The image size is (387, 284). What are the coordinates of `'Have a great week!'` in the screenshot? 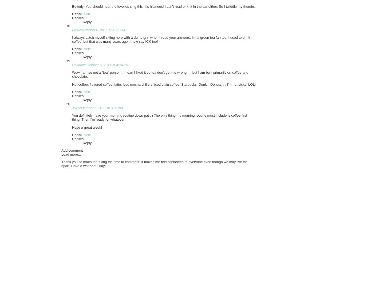 It's located at (87, 127).